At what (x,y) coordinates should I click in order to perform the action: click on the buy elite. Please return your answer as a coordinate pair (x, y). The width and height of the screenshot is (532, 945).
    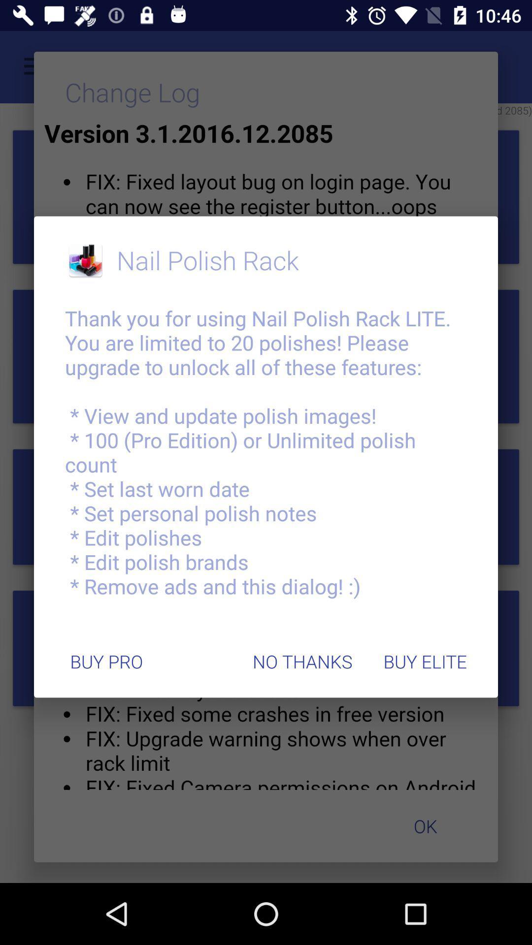
    Looking at the image, I should click on (425, 661).